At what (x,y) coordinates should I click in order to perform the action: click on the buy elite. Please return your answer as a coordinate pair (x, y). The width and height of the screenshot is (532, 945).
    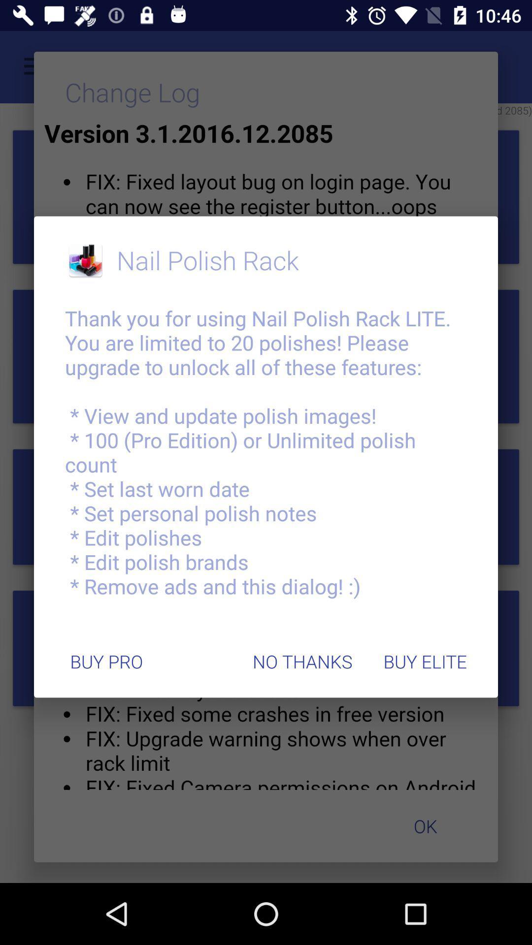
    Looking at the image, I should click on (425, 661).